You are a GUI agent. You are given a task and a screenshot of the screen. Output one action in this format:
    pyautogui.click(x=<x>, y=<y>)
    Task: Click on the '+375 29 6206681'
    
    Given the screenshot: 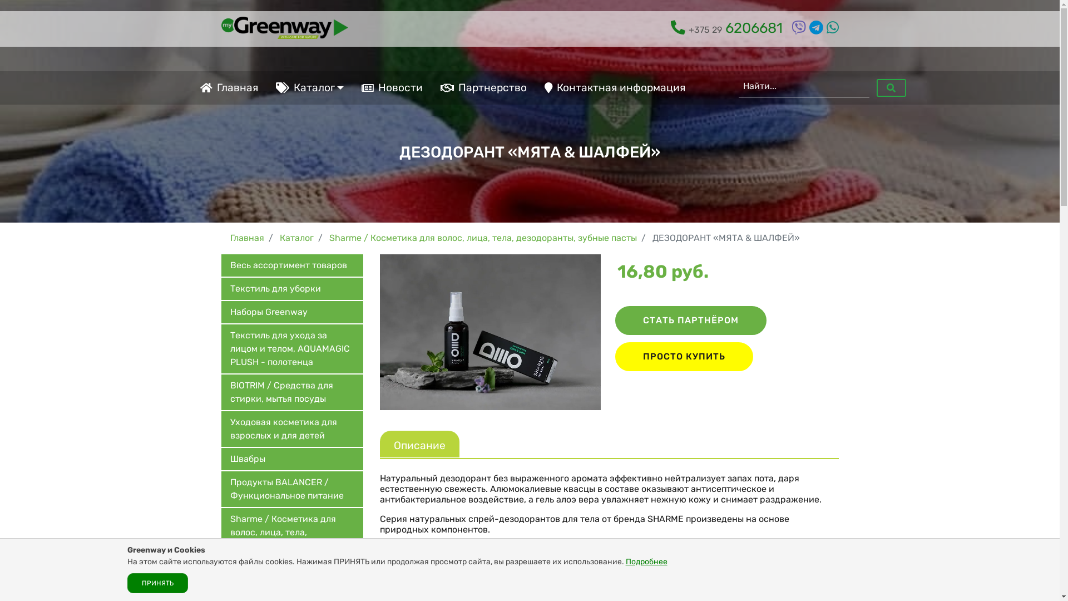 What is the action you would take?
    pyautogui.click(x=729, y=27)
    